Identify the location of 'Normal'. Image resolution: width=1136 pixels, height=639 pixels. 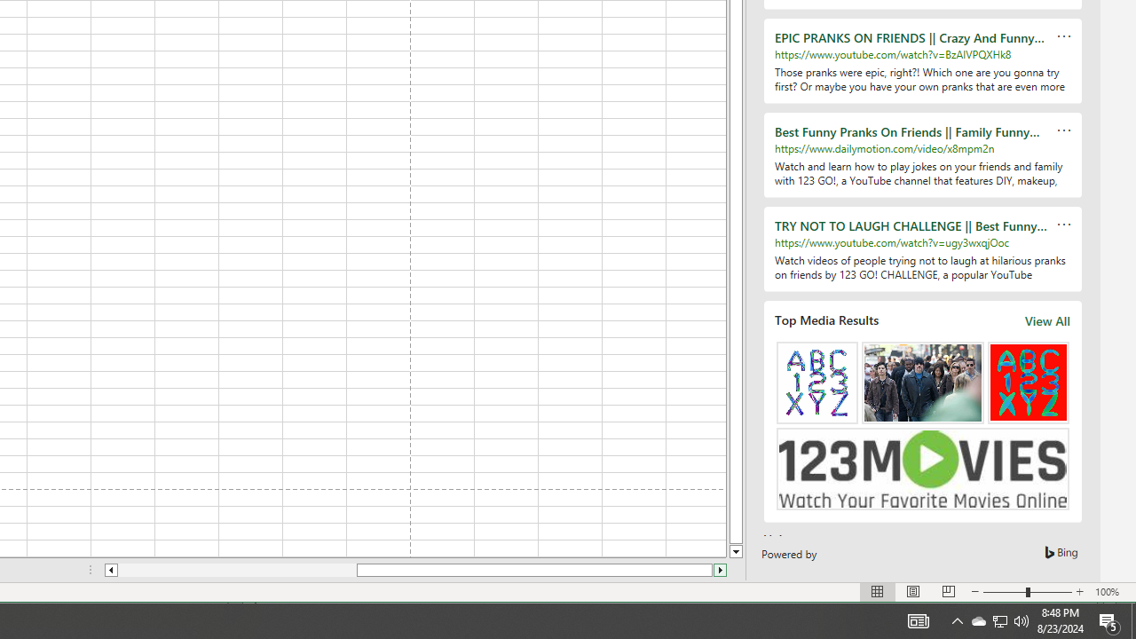
(877, 592).